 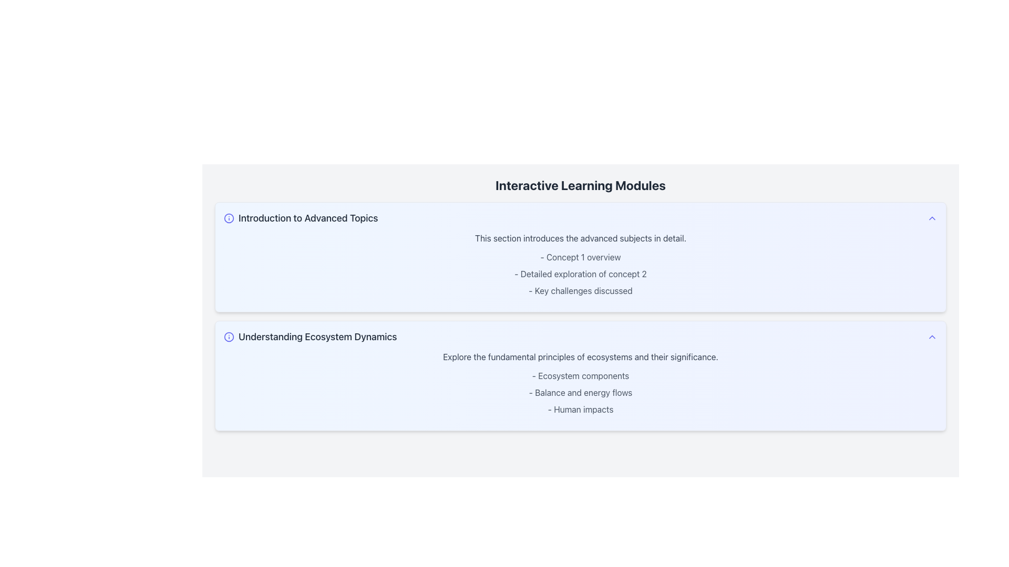 What do you see at coordinates (580, 356) in the screenshot?
I see `text that provides a summary of the principles of ecosystems and their importance, located below the header 'Understanding Ecosystem Dynamics.'` at bounding box center [580, 356].